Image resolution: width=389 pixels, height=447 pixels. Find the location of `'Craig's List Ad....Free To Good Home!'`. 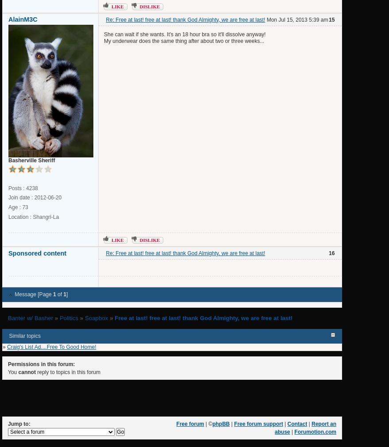

'Craig's List Ad....Free To Good Home!' is located at coordinates (51, 346).